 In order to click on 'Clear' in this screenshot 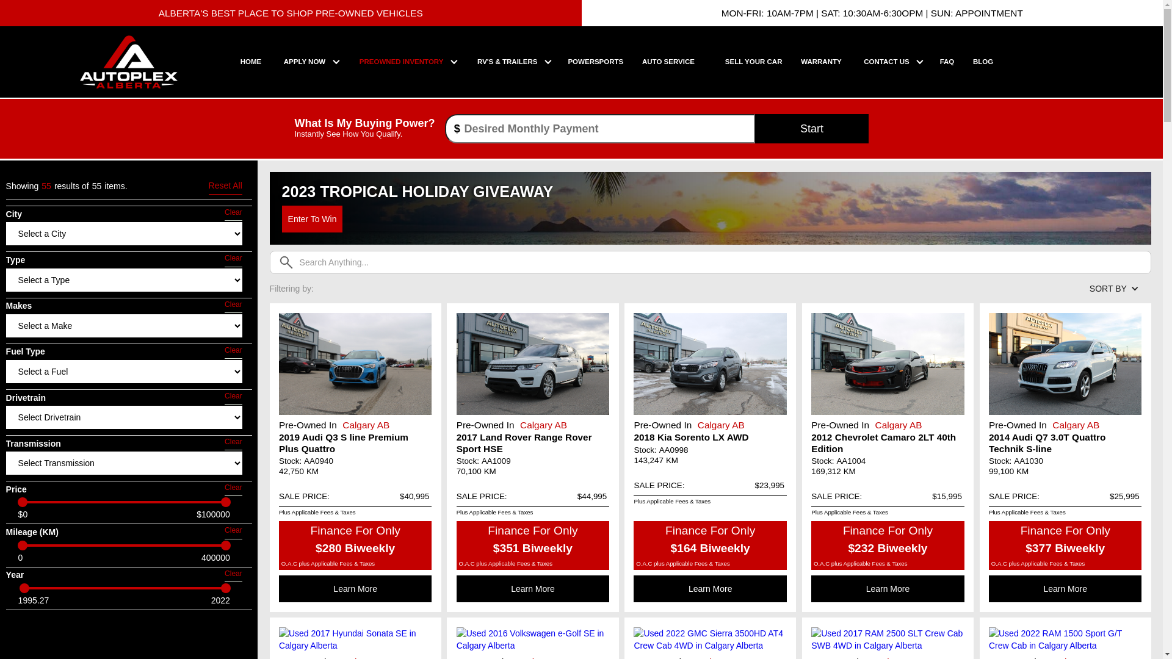, I will do `click(233, 488)`.